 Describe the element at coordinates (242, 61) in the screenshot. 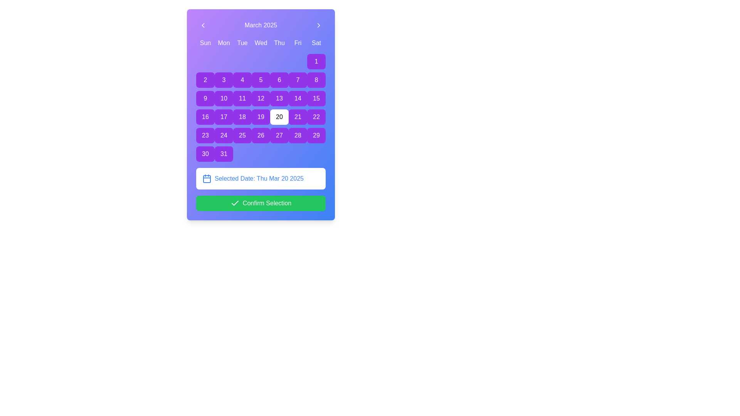

I see `the non-functional grid tile located in the first row and third column of the grid layout` at that location.